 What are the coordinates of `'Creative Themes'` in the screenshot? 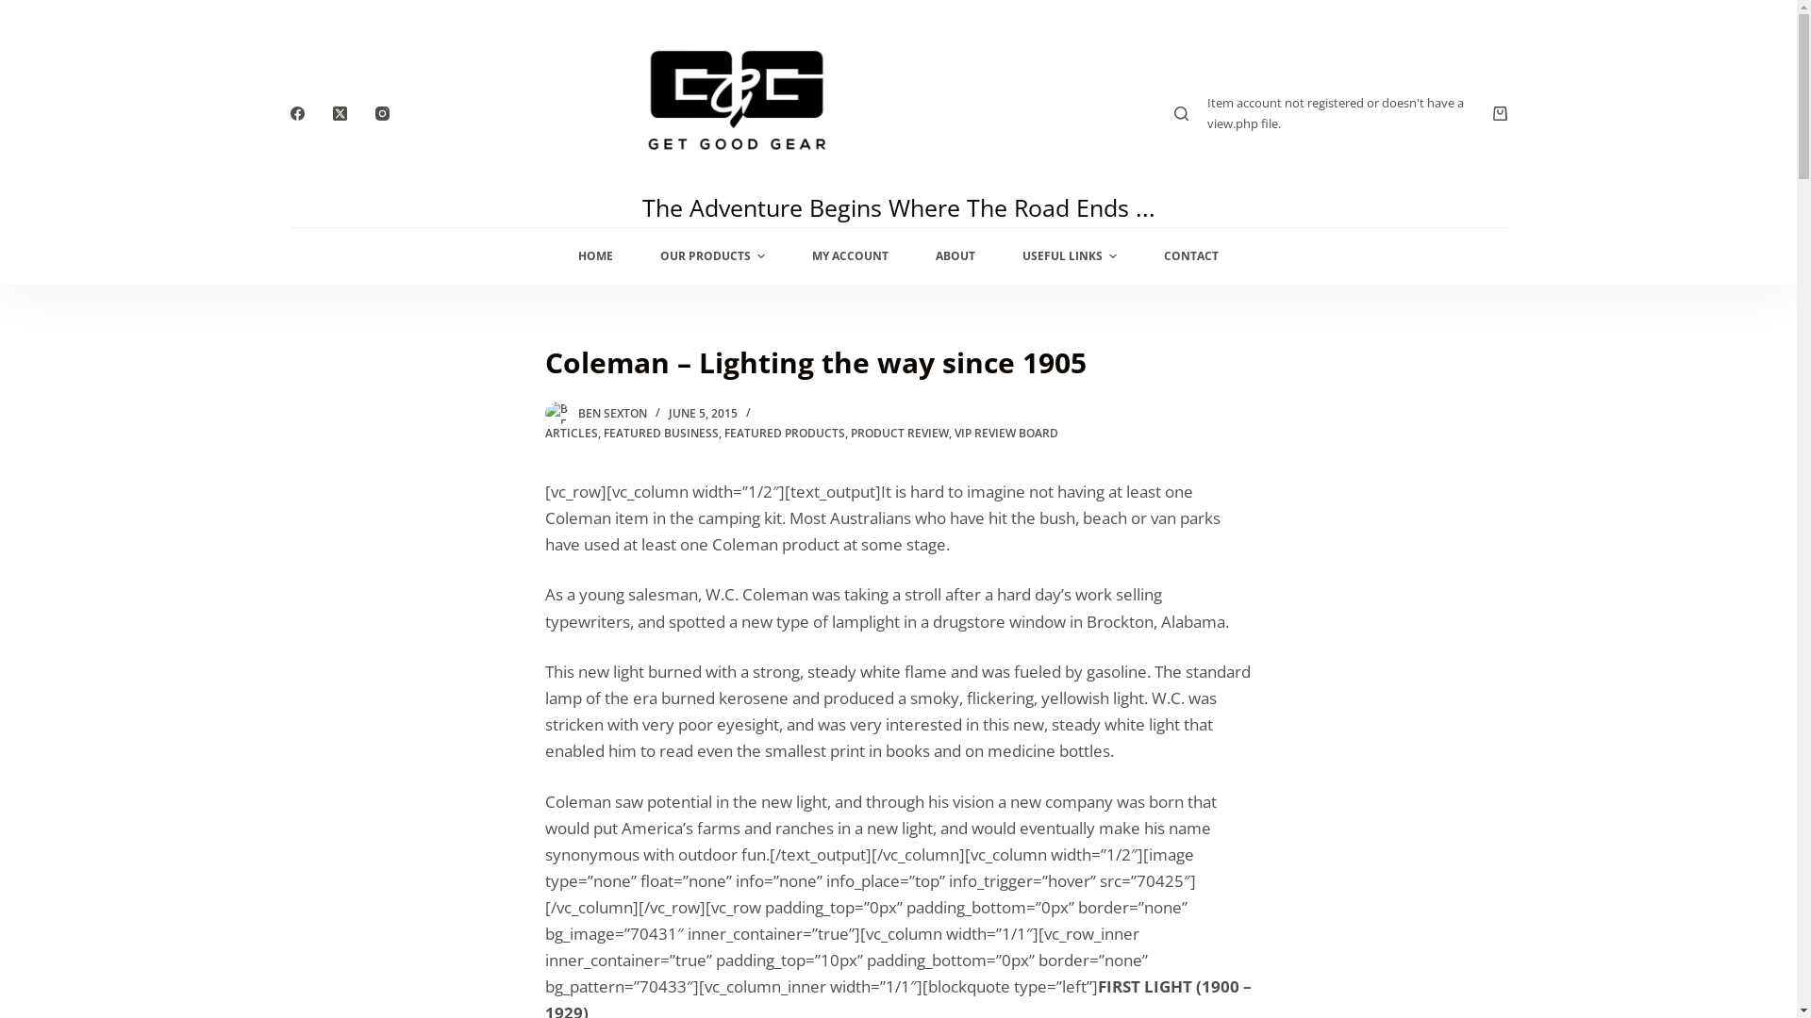 It's located at (614, 983).